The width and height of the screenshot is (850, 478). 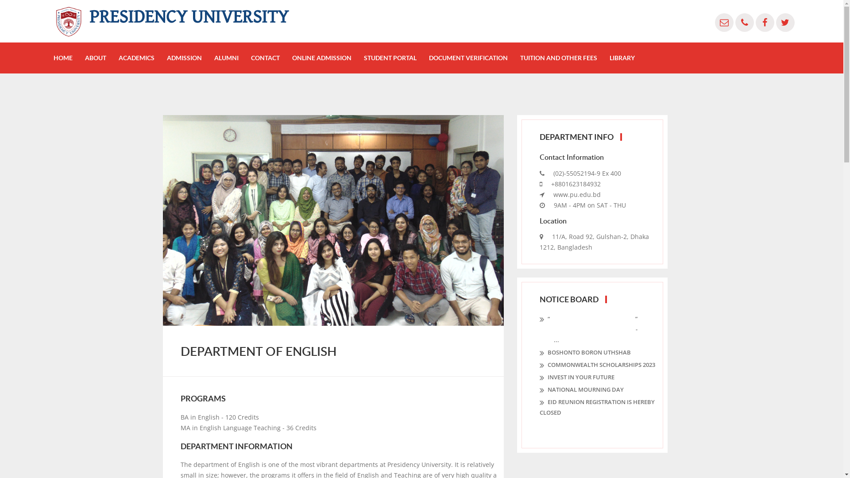 What do you see at coordinates (599, 407) in the screenshot?
I see `'EID REUNION REGISTRATION IS HEREBY CLOSED'` at bounding box center [599, 407].